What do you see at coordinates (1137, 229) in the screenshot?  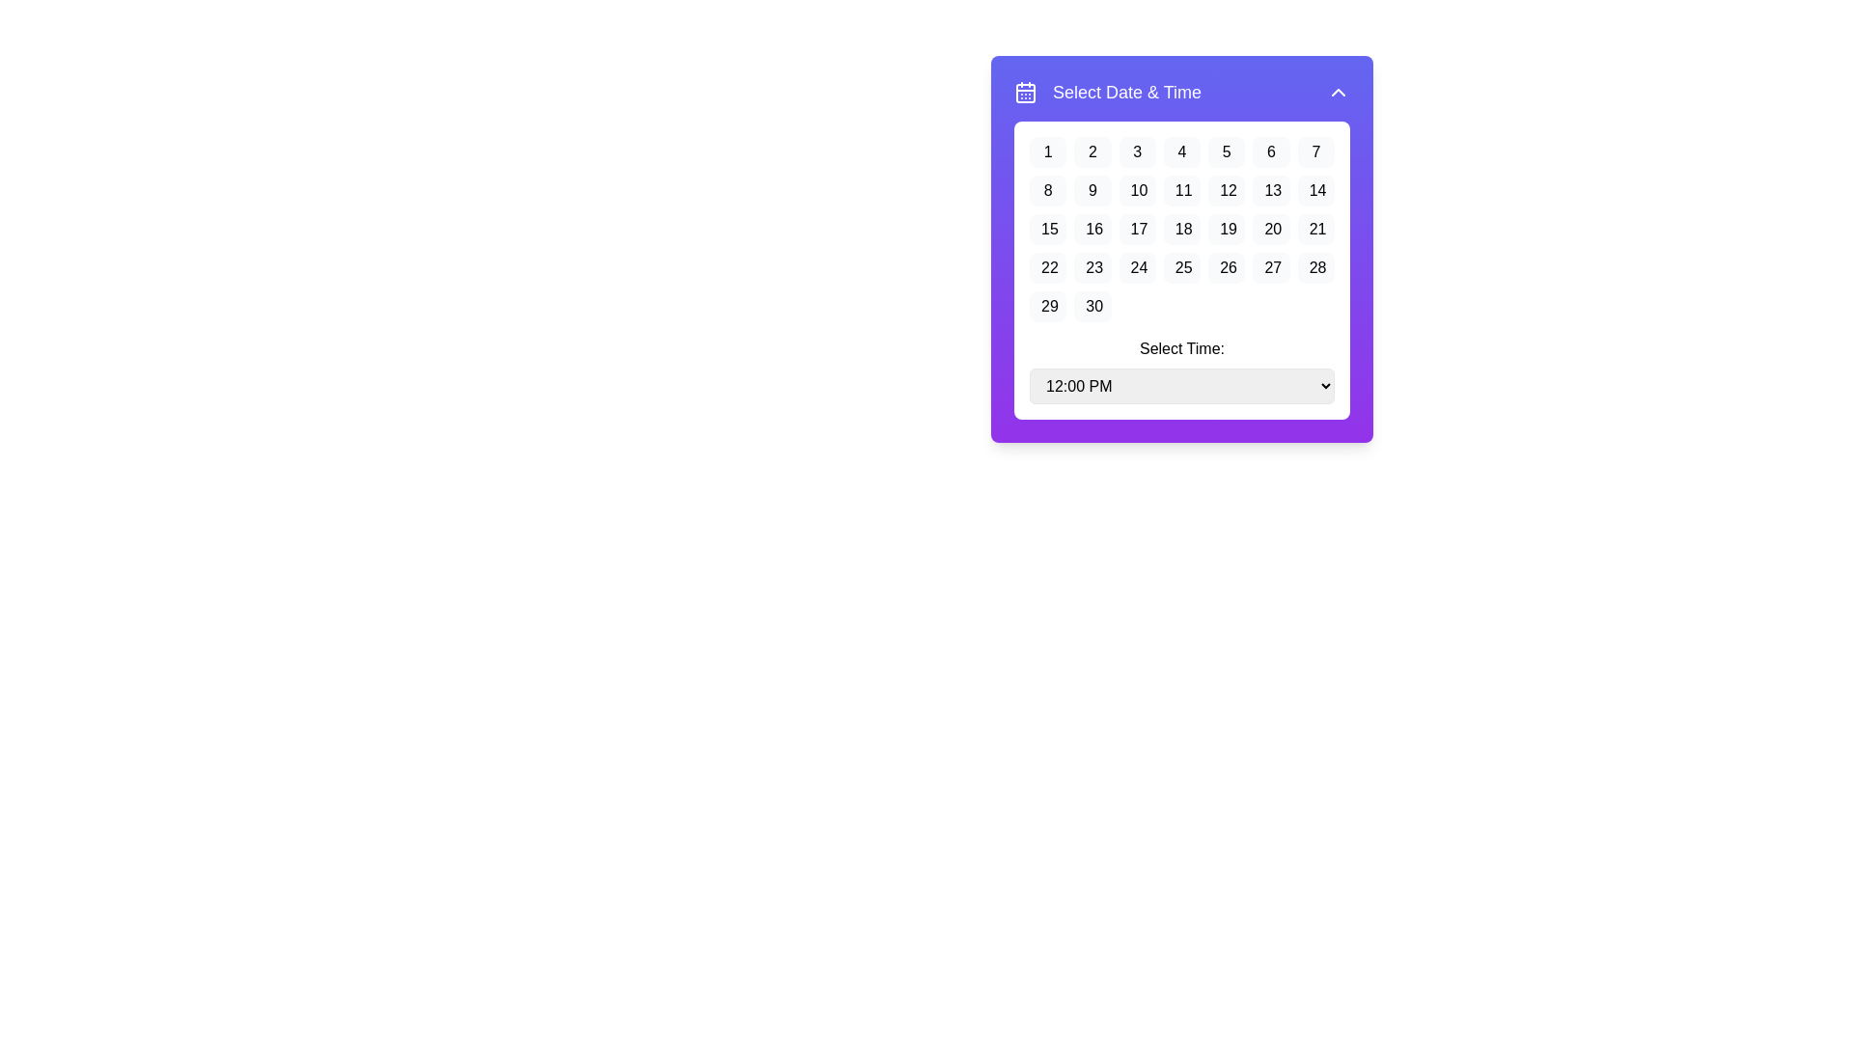 I see `the button representing the 17th day in the calendar interface` at bounding box center [1137, 229].